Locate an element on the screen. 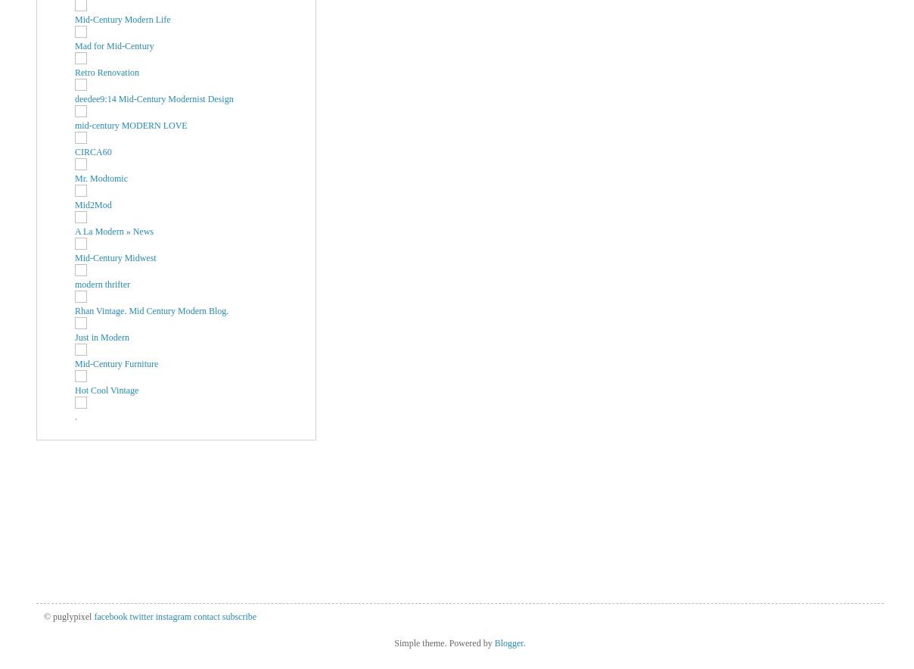  'Hot Cool Vintage' is located at coordinates (105, 389).